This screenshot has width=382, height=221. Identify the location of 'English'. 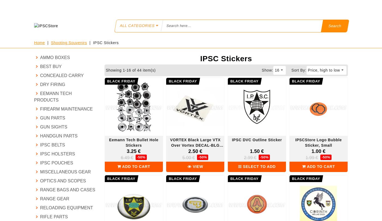
(283, 6).